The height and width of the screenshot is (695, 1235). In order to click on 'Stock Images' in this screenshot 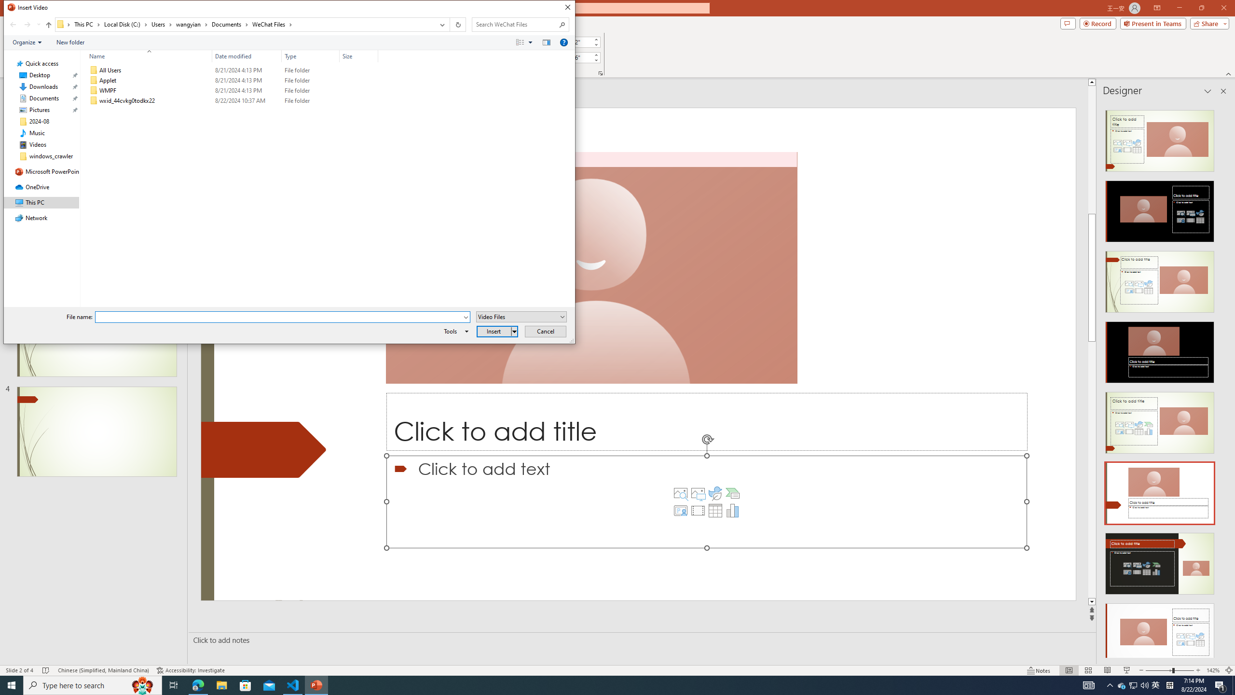, I will do `click(680, 493)`.